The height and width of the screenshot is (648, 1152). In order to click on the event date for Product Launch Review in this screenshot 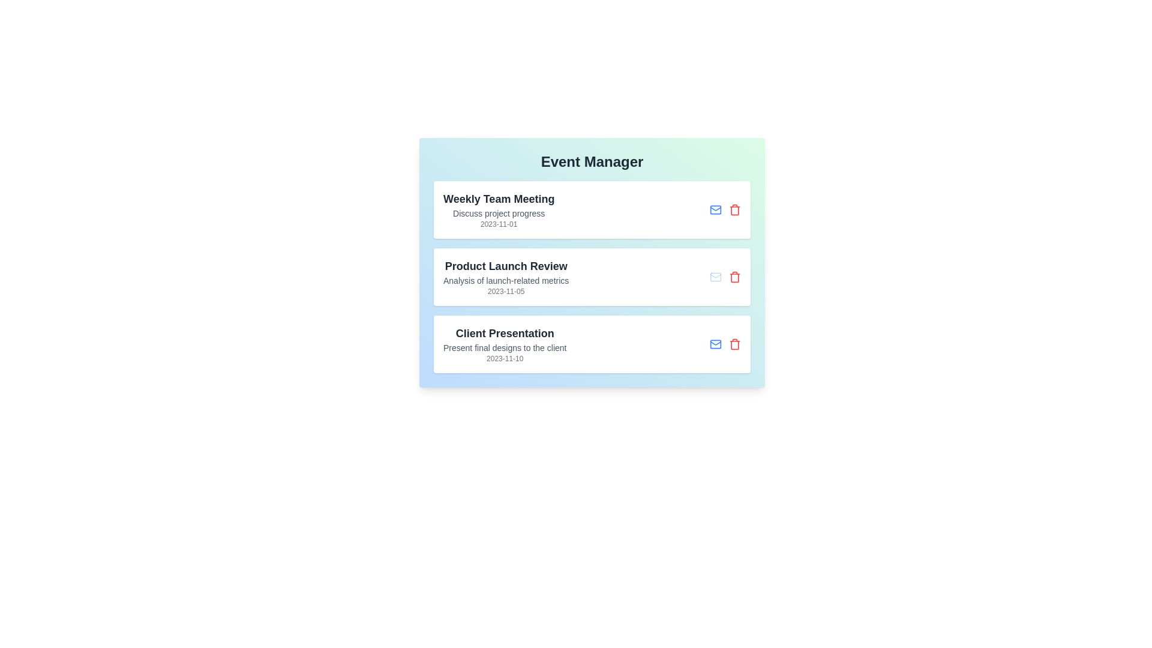, I will do `click(506, 292)`.